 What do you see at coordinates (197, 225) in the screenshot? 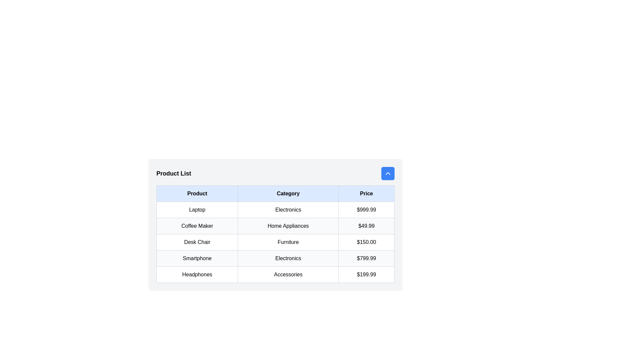
I see `the text label displaying 'Coffee Maker', which is located in the second row of the 'Product' column in a table, aligned with 'Home Appliances' in the 'Category' column and '$49.99' in the 'Price' column` at bounding box center [197, 225].